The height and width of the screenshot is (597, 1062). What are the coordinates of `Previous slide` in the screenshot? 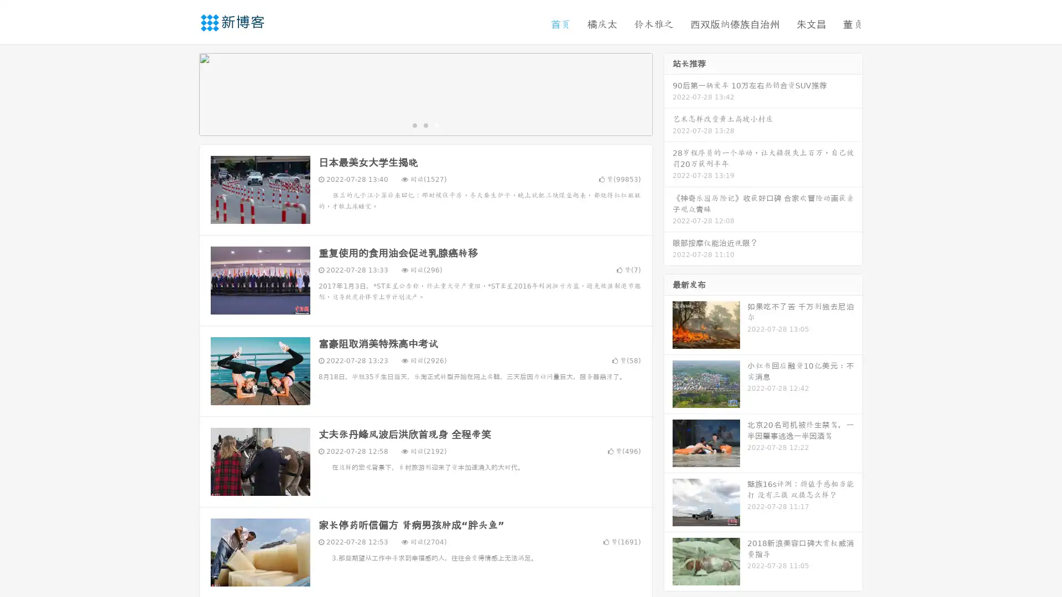 It's located at (183, 93).